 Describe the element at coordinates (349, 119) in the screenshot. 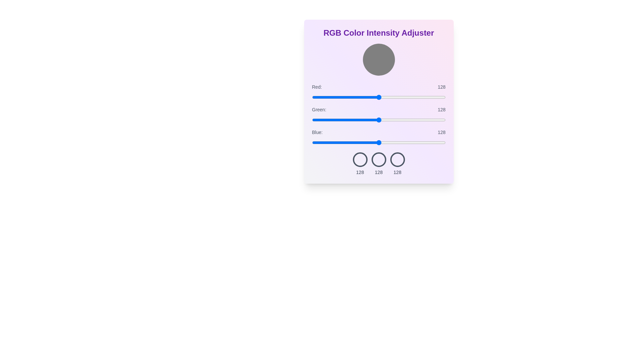

I see `the green slider to set its intensity to 72` at that location.